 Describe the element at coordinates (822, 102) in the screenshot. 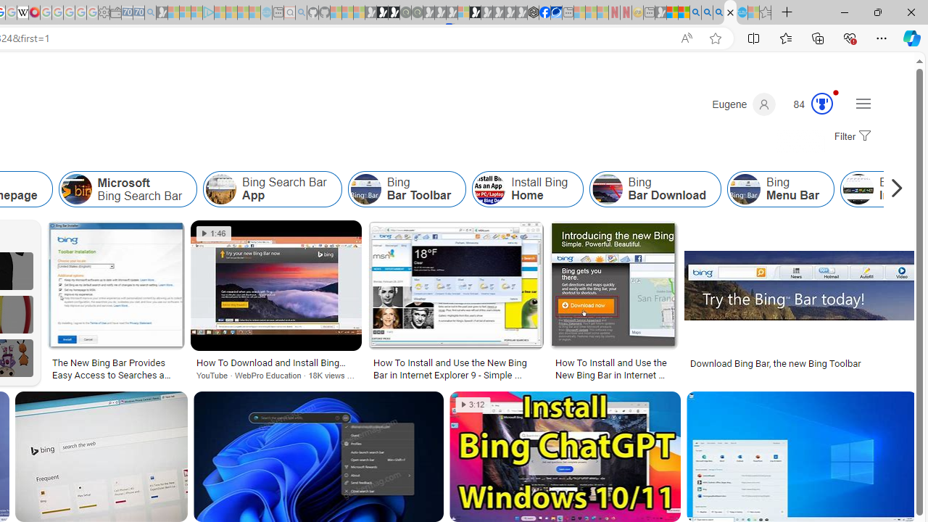

I see `'AutomationID: rh_meter'` at that location.